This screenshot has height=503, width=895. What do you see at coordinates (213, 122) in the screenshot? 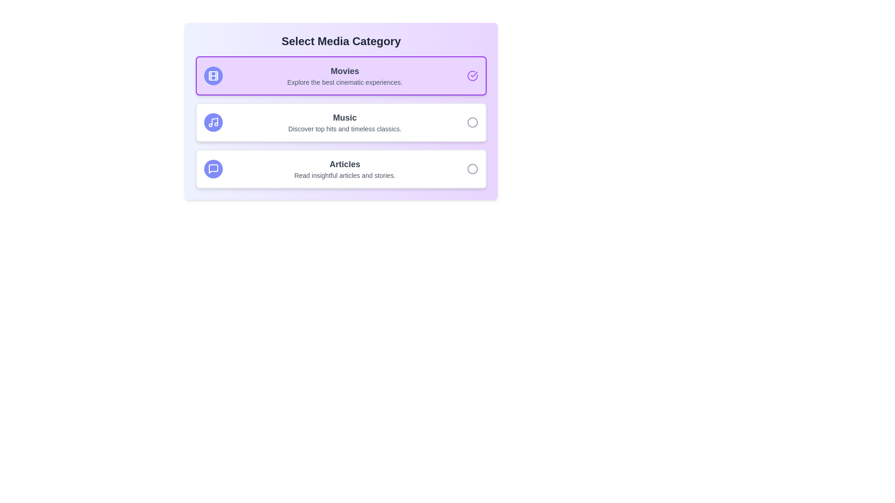
I see `the circular icon with a musical note symbol inside, which is located in the 'Music' section of the media category selection interface, positioned on the left side of the title 'Music'` at bounding box center [213, 122].